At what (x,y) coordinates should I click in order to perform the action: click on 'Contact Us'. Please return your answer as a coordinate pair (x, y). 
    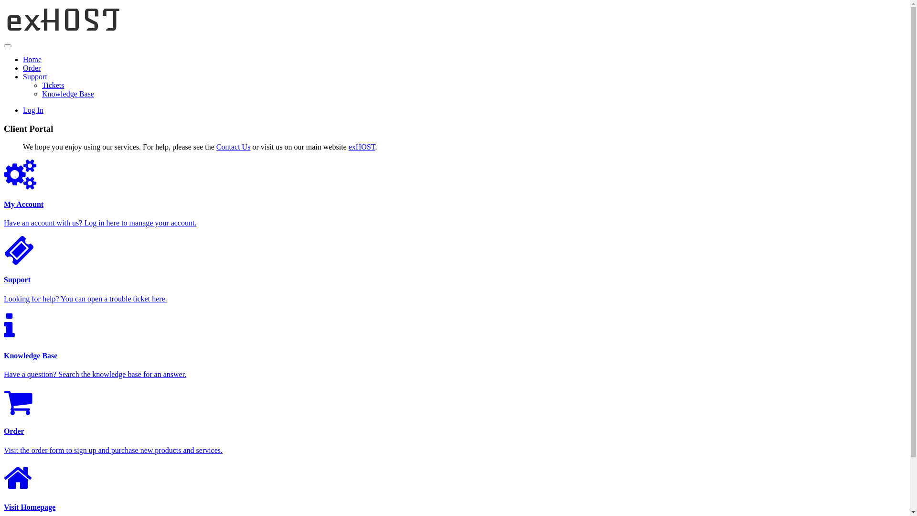
    Looking at the image, I should click on (234, 147).